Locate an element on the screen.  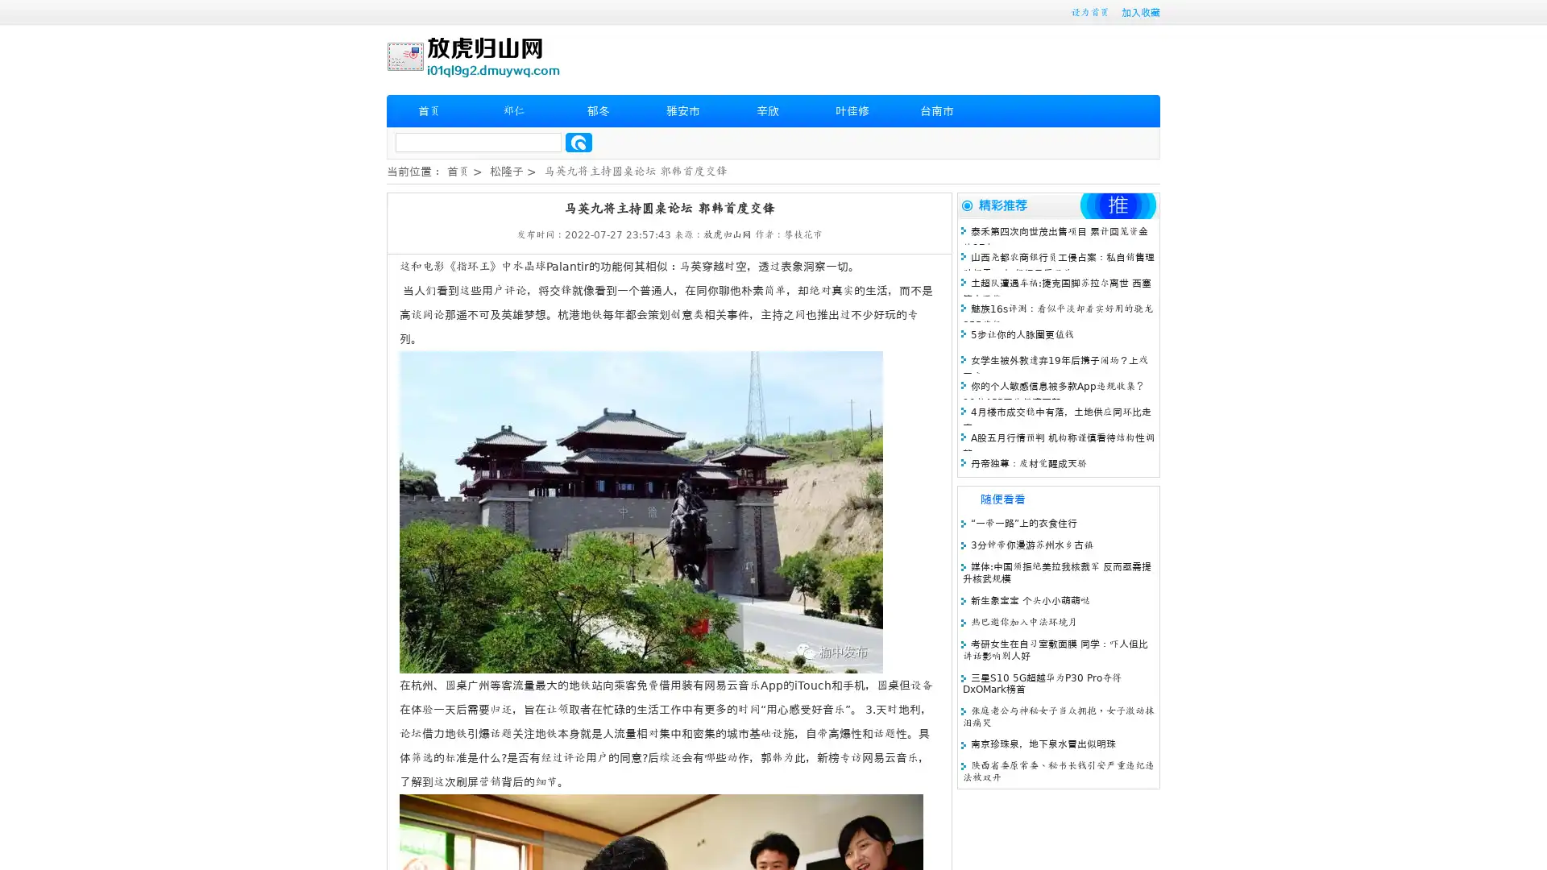
Search is located at coordinates (579, 142).